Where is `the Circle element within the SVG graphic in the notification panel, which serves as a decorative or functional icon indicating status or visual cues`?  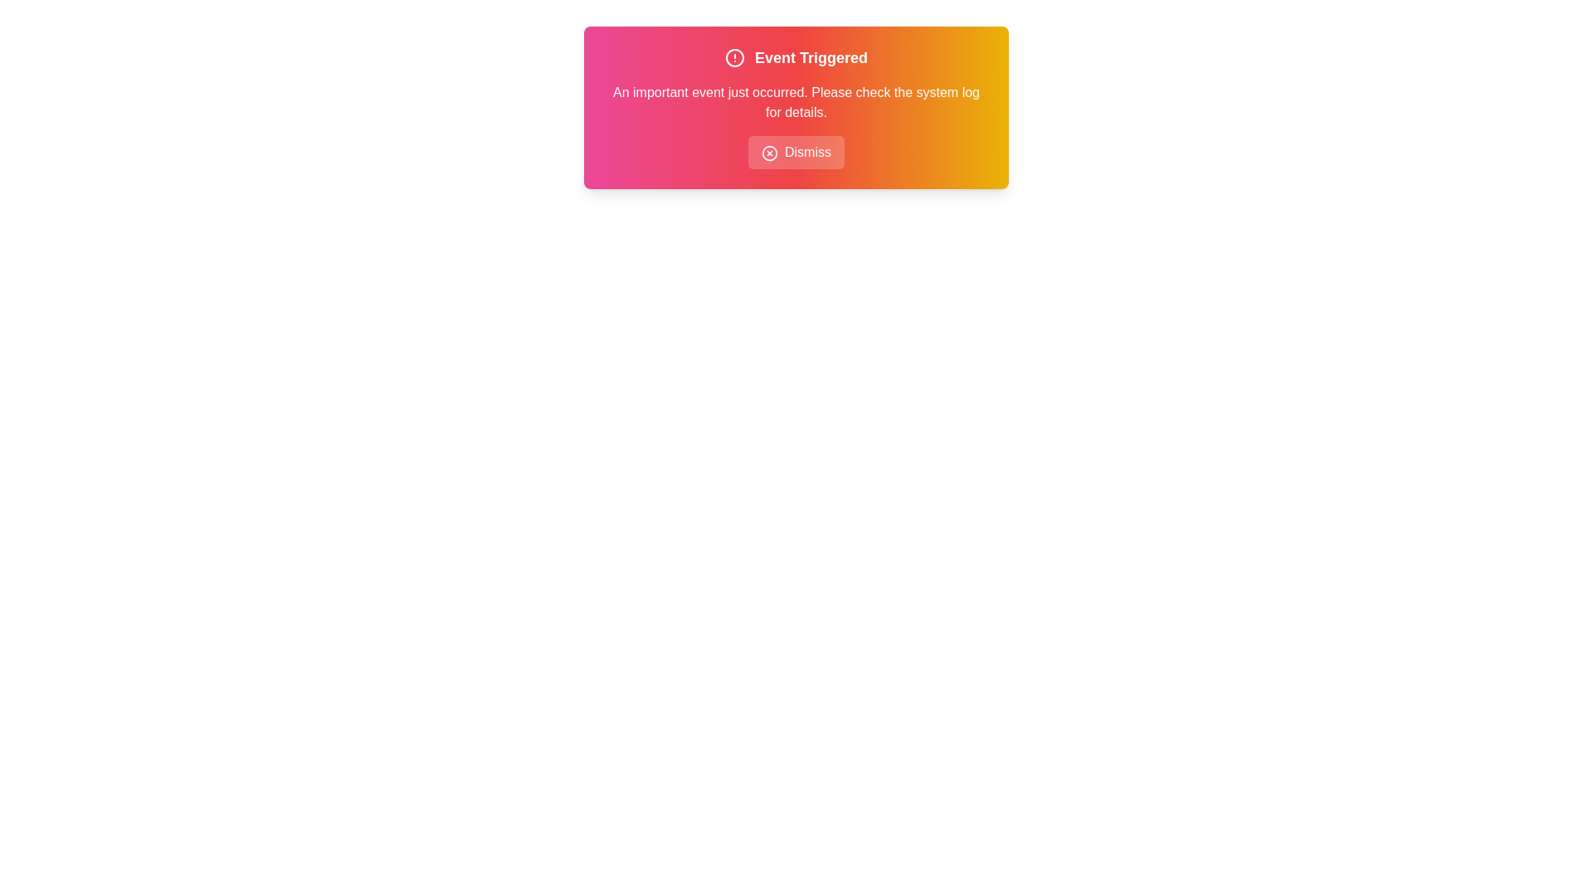 the Circle element within the SVG graphic in the notification panel, which serves as a decorative or functional icon indicating status or visual cues is located at coordinates (768, 153).